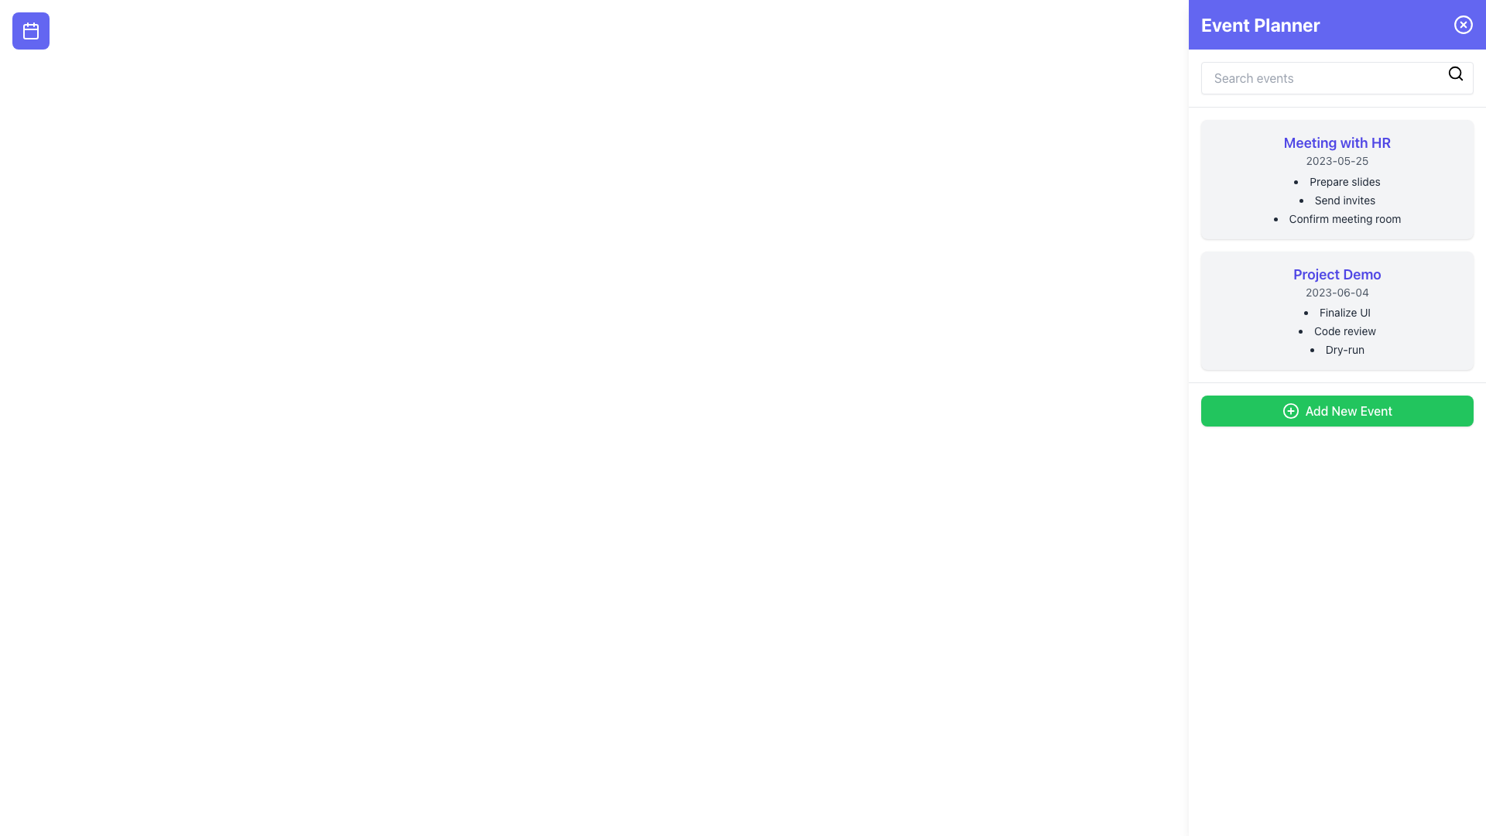  I want to click on list items from the bulleted list located within the 'Project Demo' card, which is positioned below the 'Meeting with HR' card in the right panel, so click(1337, 331).